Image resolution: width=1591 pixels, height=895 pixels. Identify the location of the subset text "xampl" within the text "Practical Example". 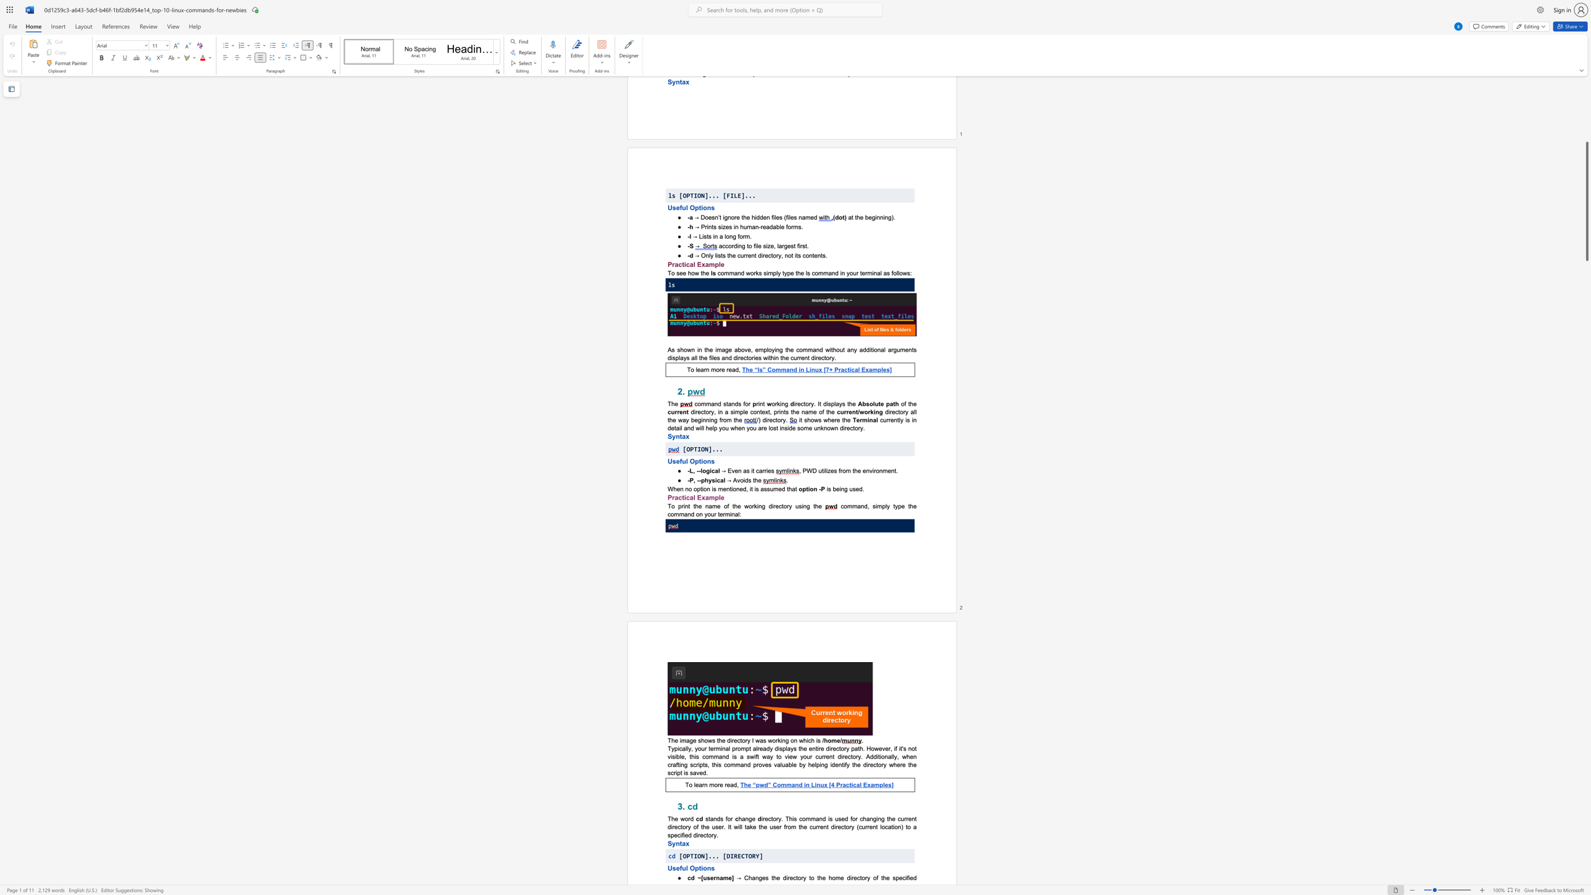
(700, 497).